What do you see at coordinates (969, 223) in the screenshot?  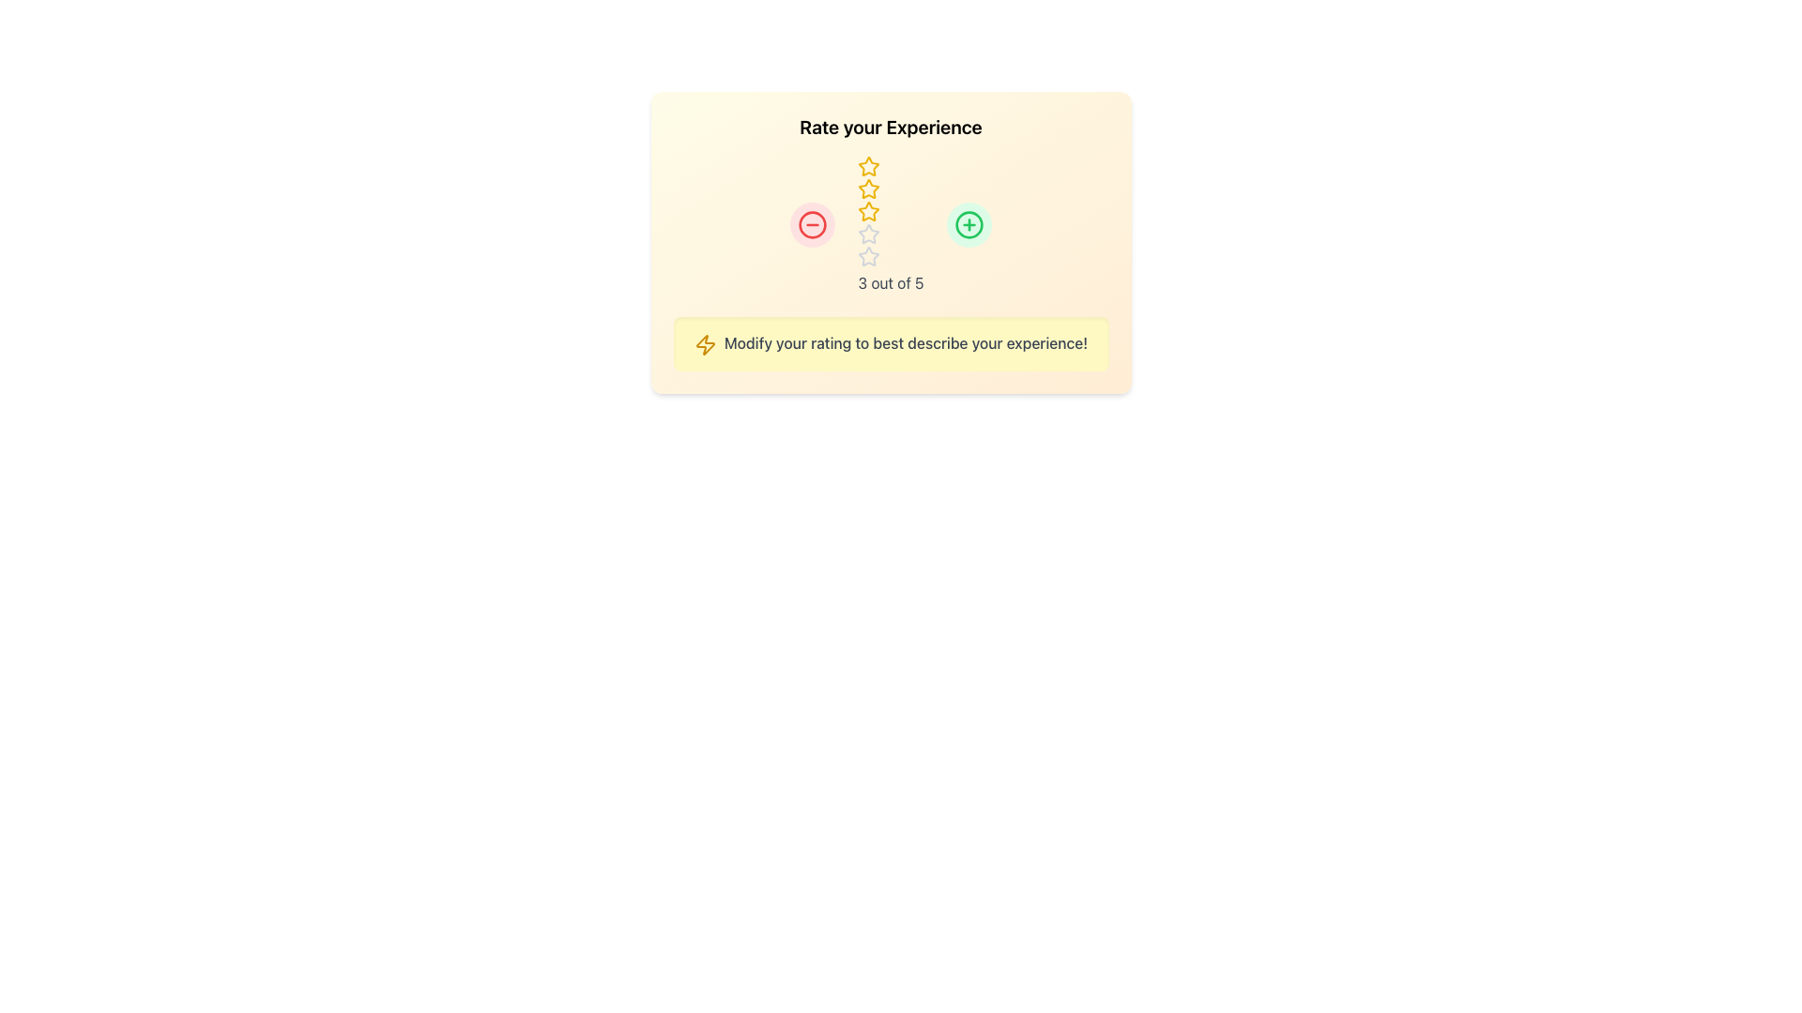 I see `the green circular icon located to the right of the star ratings` at bounding box center [969, 223].